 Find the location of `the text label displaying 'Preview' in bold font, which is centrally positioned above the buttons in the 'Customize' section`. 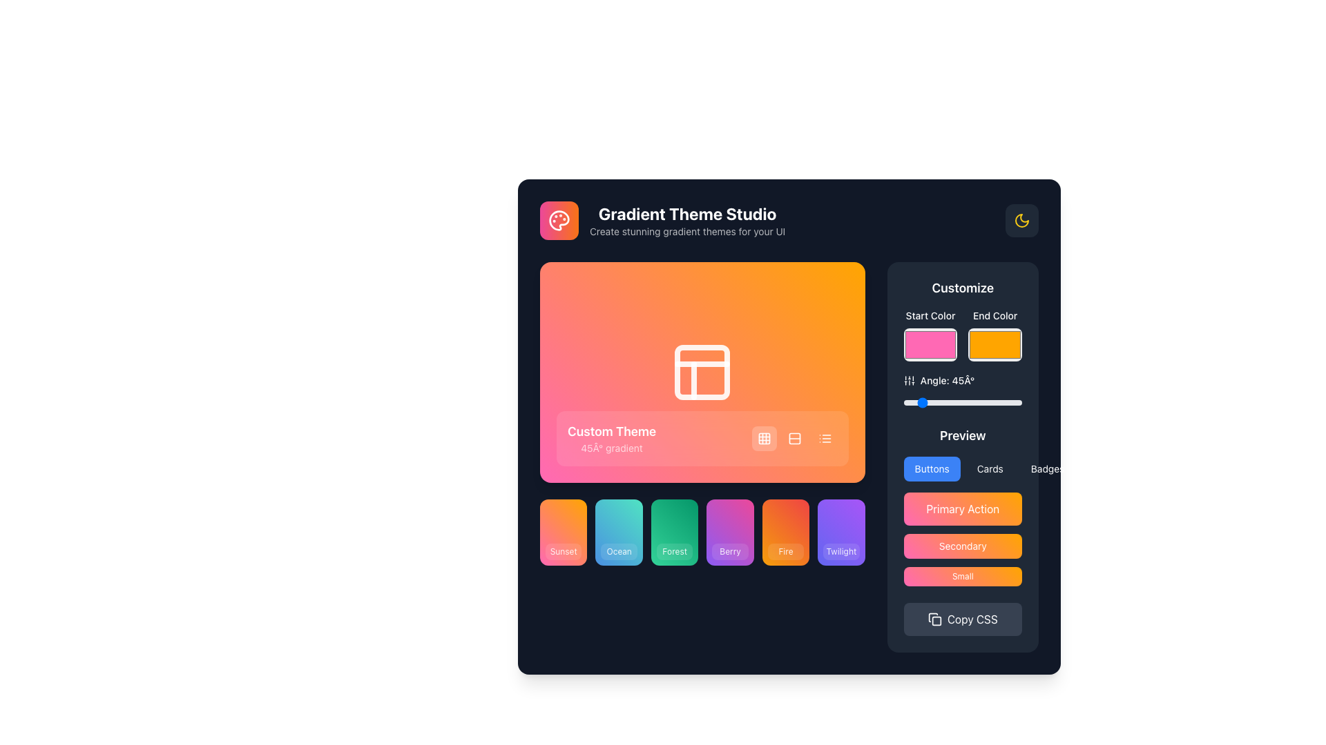

the text label displaying 'Preview' in bold font, which is centrally positioned above the buttons in the 'Customize' section is located at coordinates (962, 436).